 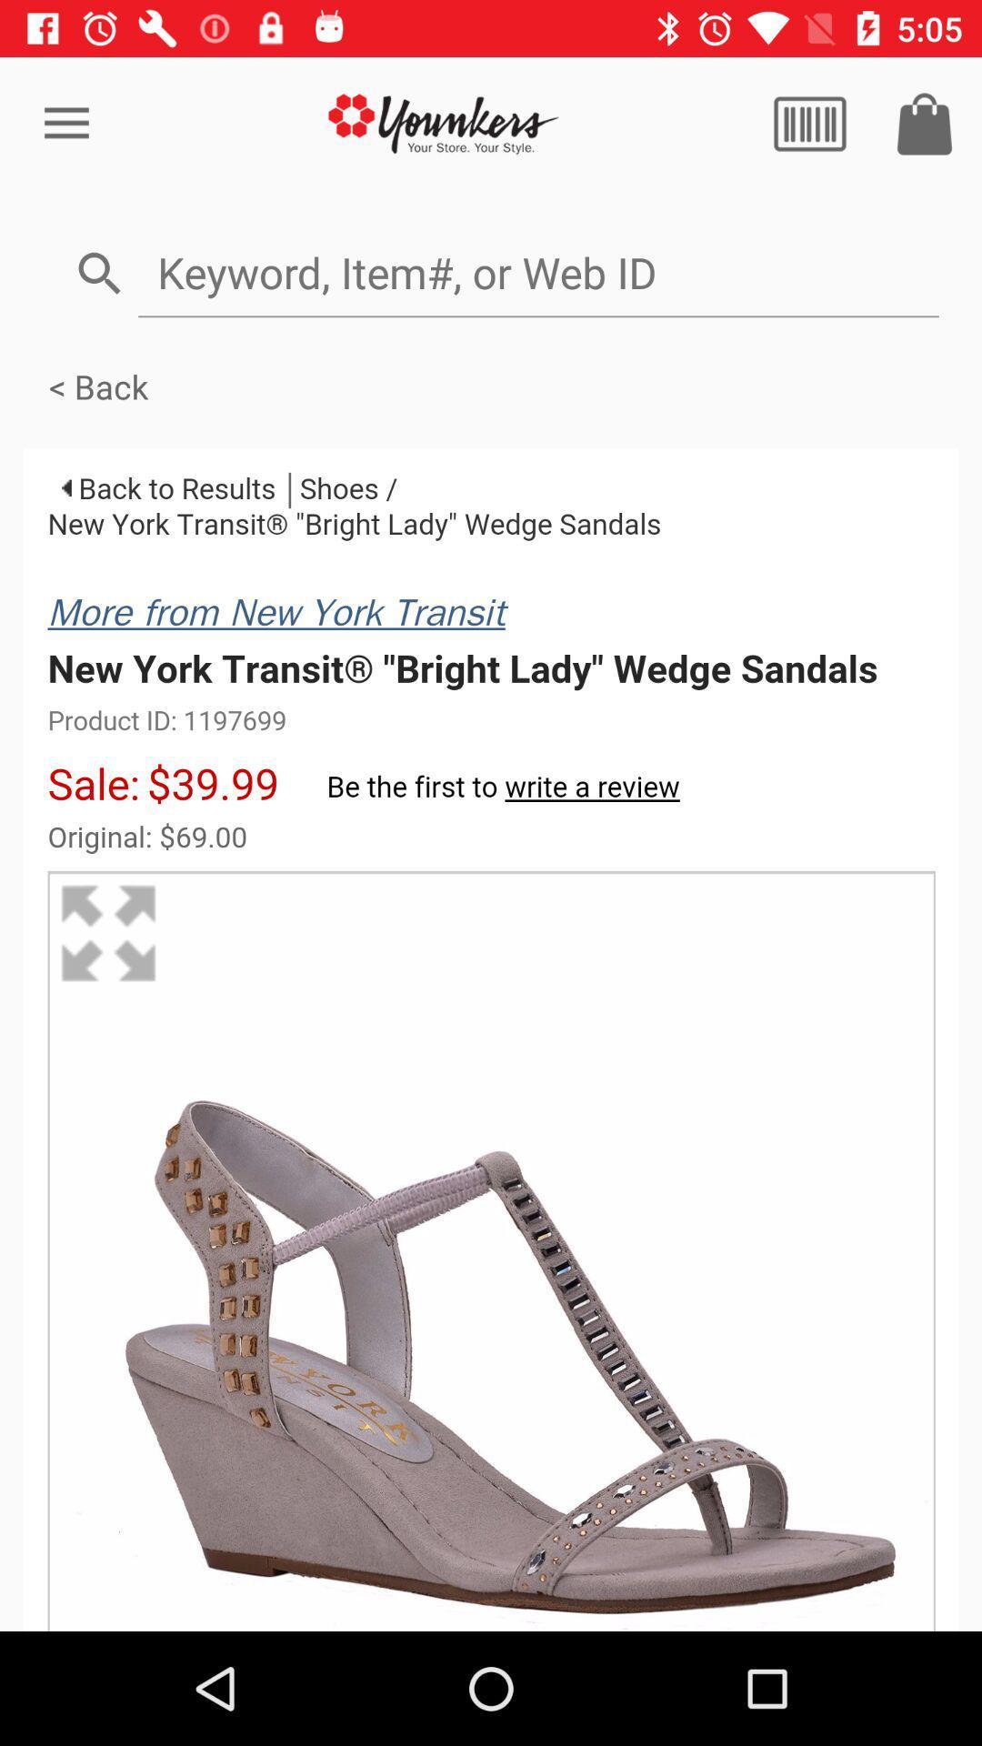 I want to click on buy, so click(x=925, y=123).